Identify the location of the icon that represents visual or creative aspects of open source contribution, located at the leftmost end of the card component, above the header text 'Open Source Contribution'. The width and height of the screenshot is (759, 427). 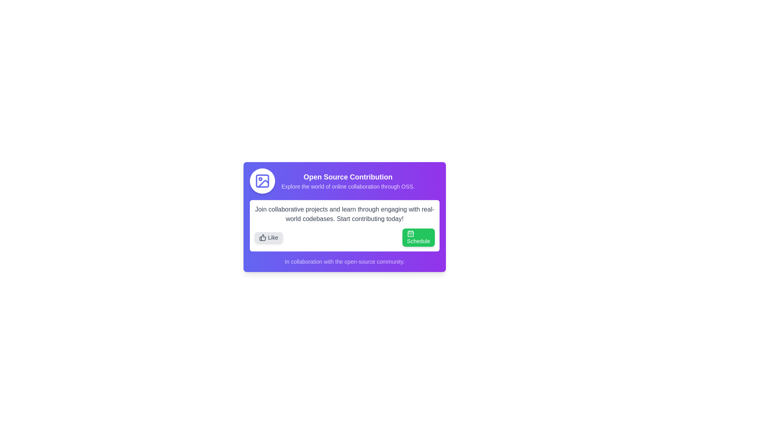
(262, 181).